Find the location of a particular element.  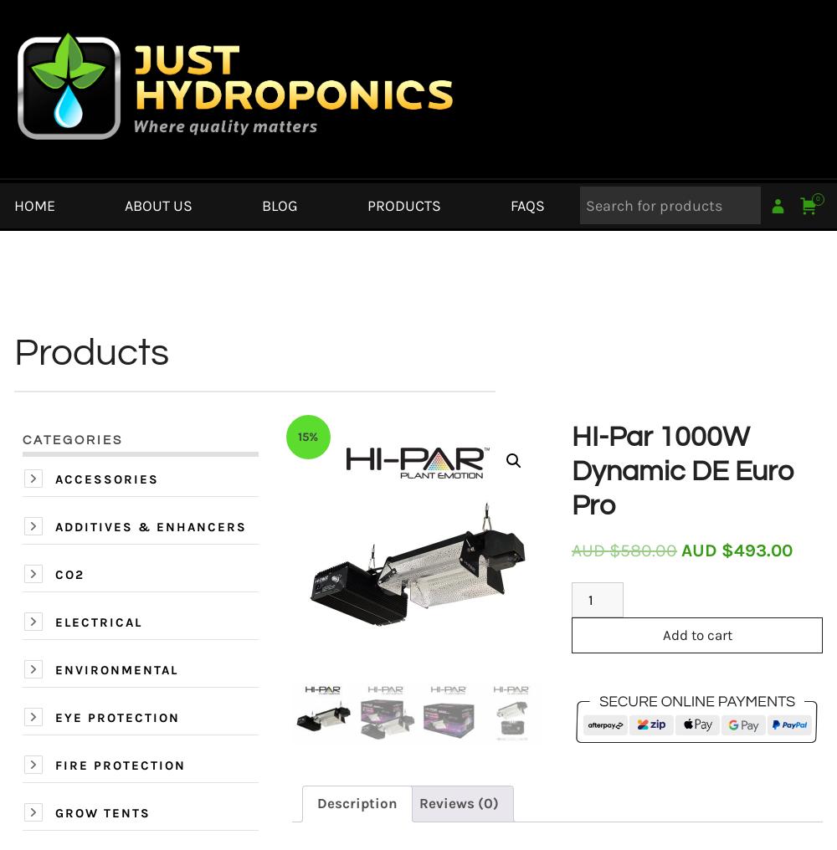

'Electrical' is located at coordinates (54, 622).